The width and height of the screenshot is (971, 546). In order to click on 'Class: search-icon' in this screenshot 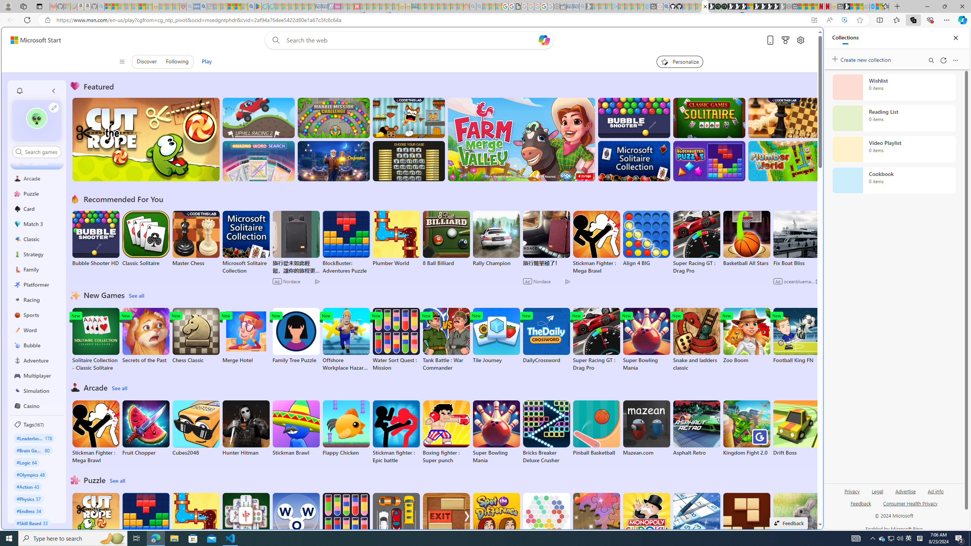, I will do `click(18, 151)`.